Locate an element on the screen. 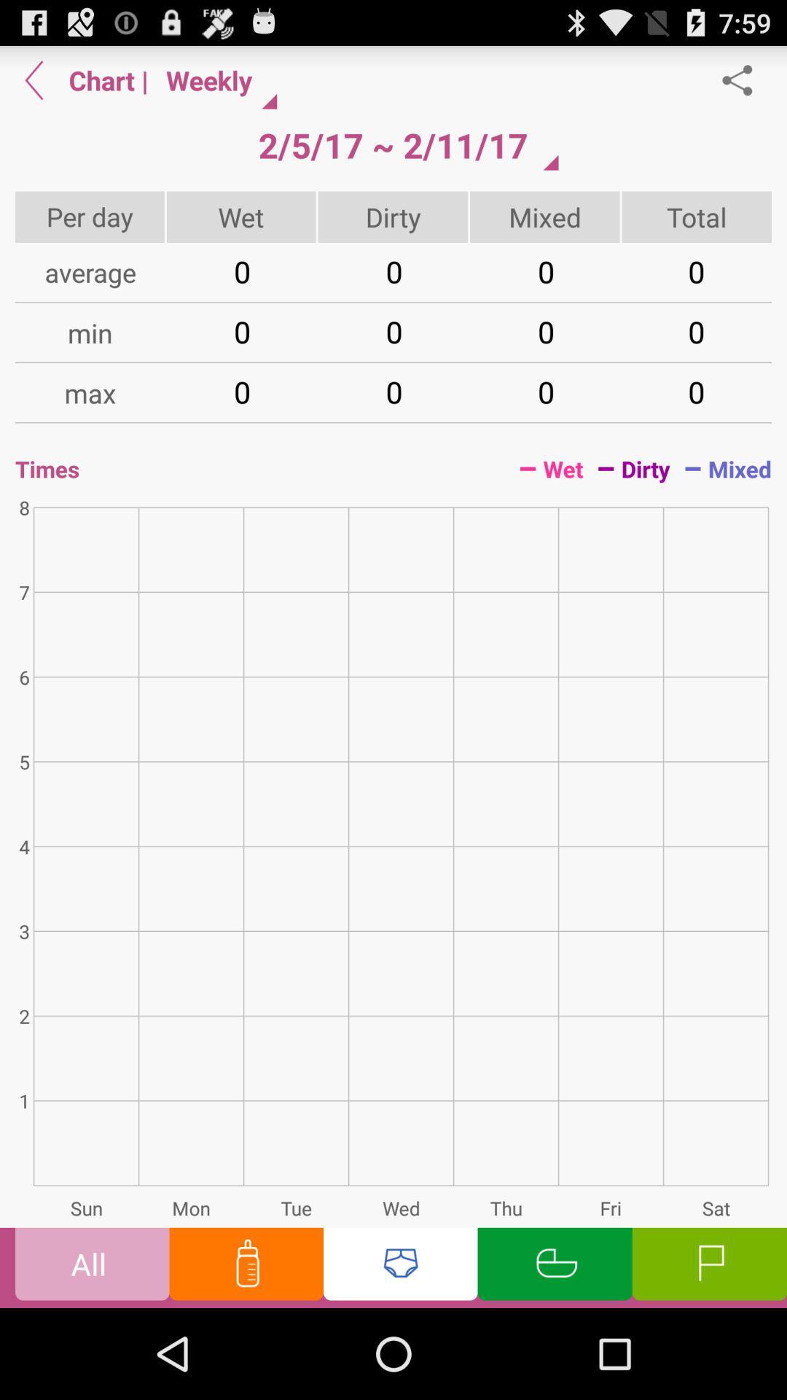  click on previous is located at coordinates (34, 79).